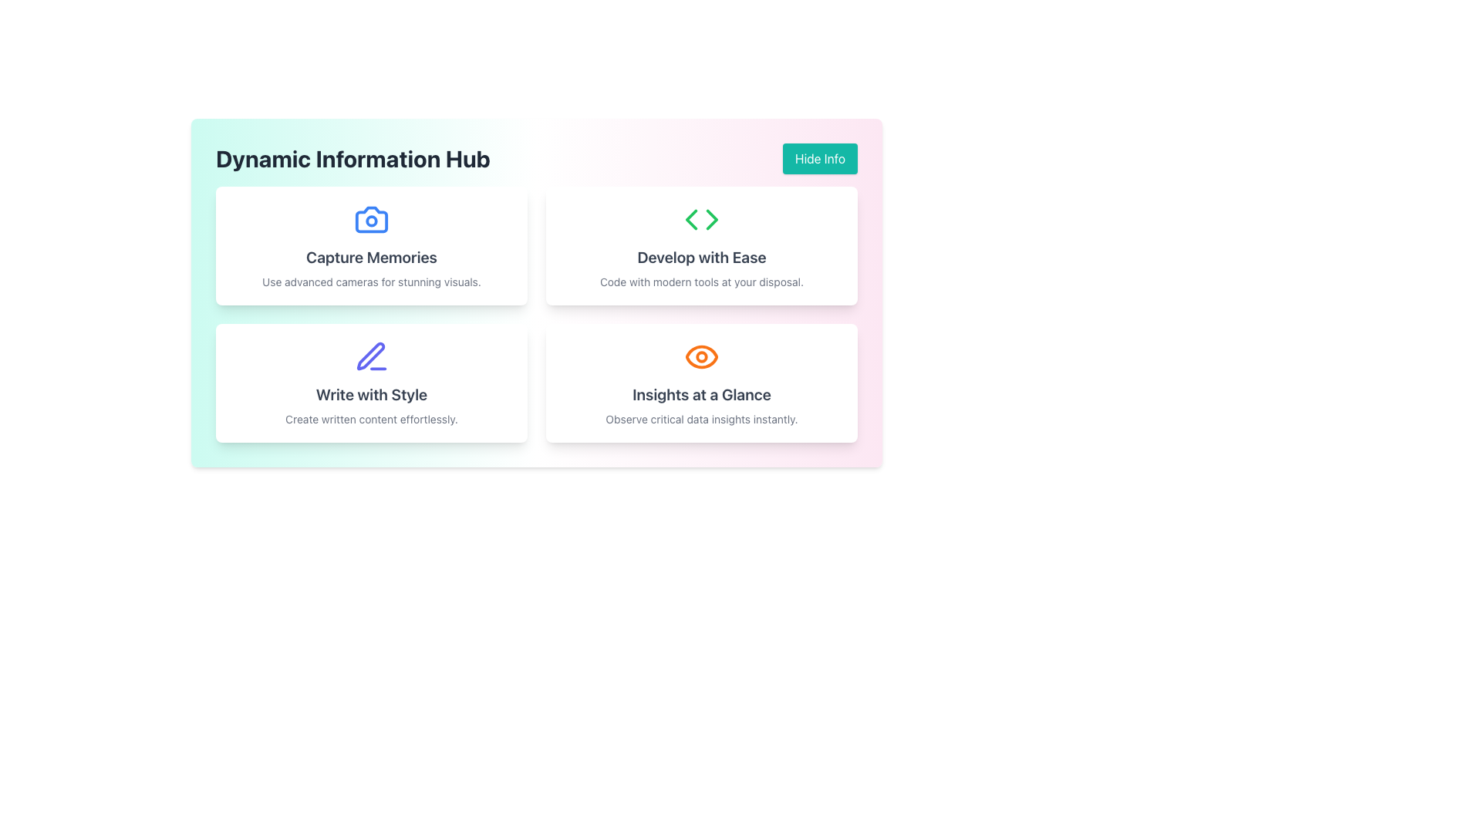 The height and width of the screenshot is (833, 1481). I want to click on the pen-shaped icon with an indigo outline labeled 'Write with Style' located in the 'Dynamic Information Hub' section, so click(371, 356).